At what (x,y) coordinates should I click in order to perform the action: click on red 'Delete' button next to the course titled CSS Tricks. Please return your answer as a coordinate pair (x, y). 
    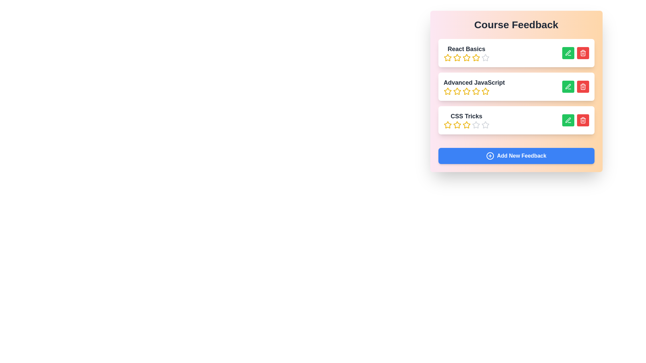
    Looking at the image, I should click on (582, 120).